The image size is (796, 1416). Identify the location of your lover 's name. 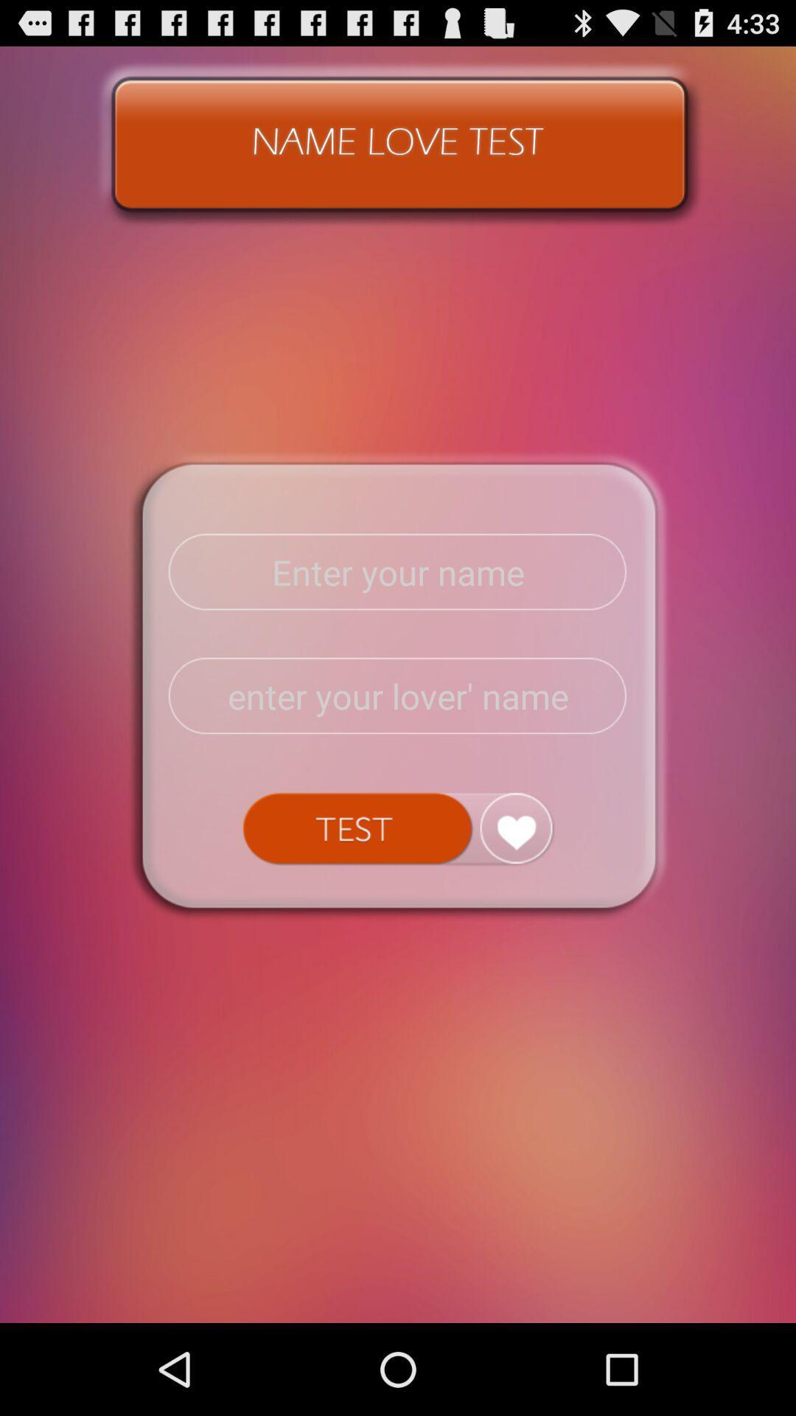
(398, 695).